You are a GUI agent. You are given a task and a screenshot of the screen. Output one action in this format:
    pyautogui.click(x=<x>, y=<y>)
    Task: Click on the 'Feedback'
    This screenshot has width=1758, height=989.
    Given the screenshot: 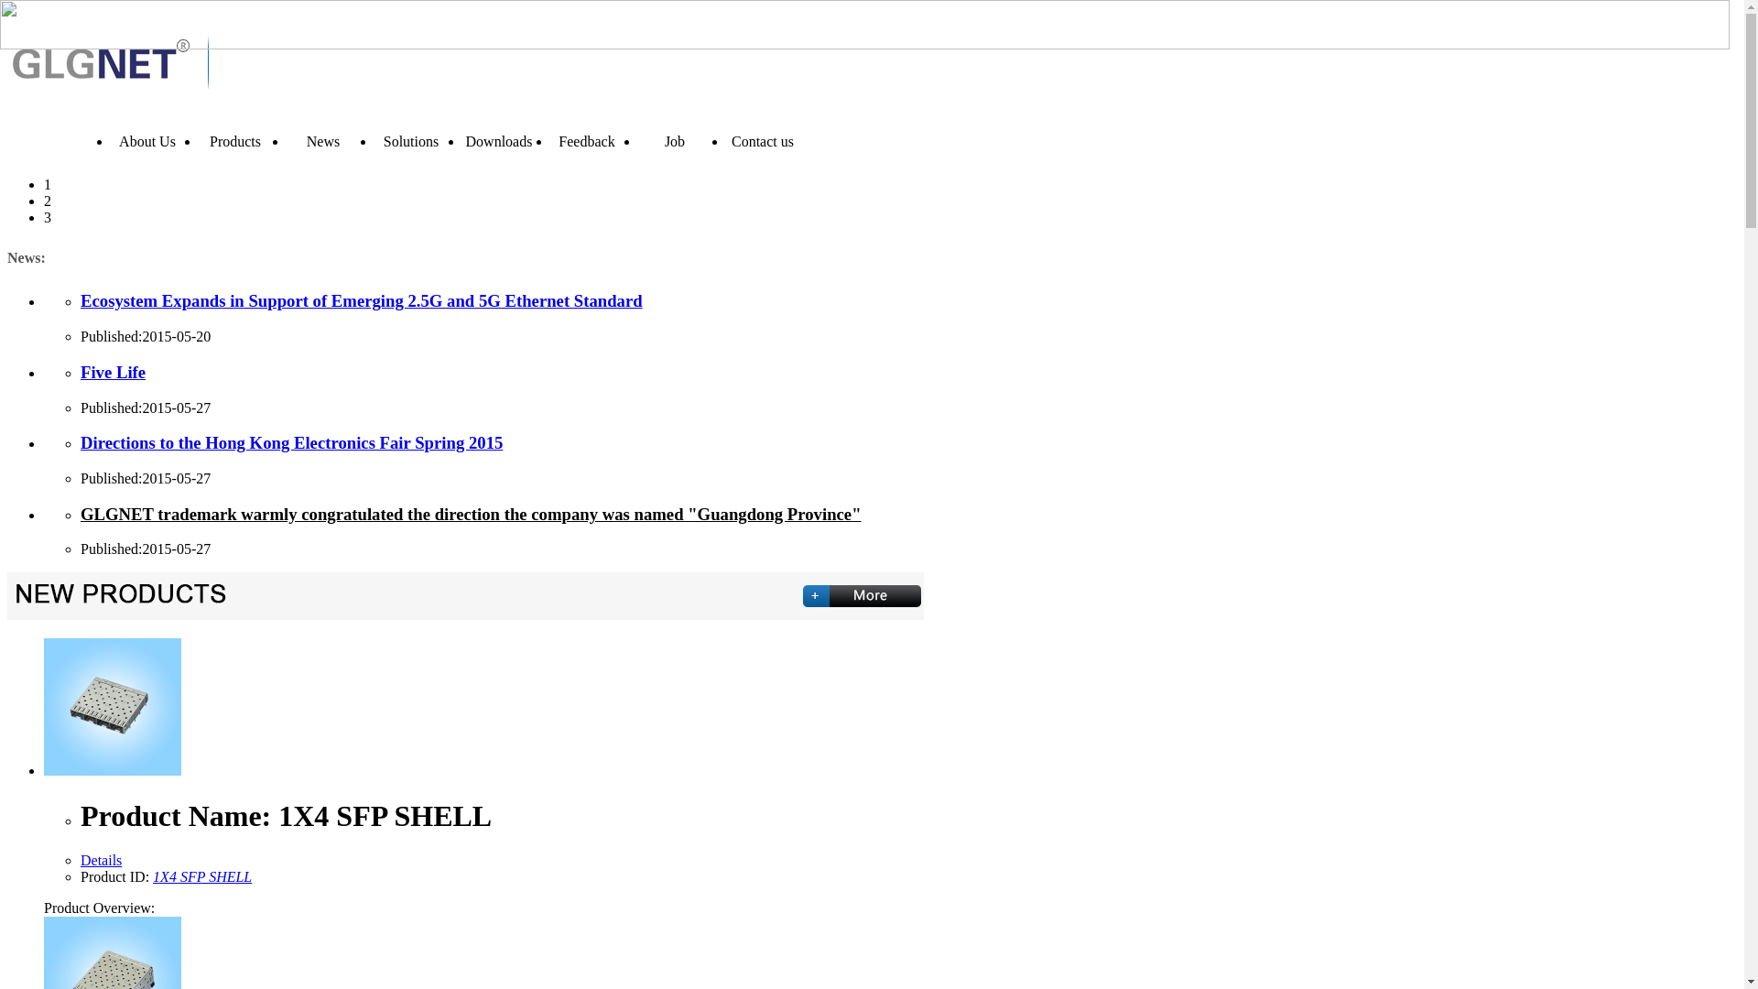 What is the action you would take?
    pyautogui.click(x=534, y=140)
    